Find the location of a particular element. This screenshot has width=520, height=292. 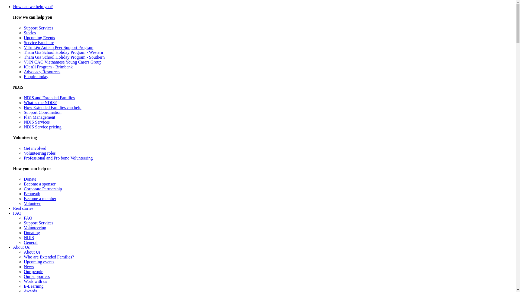

'Real stories' is located at coordinates (23, 208).